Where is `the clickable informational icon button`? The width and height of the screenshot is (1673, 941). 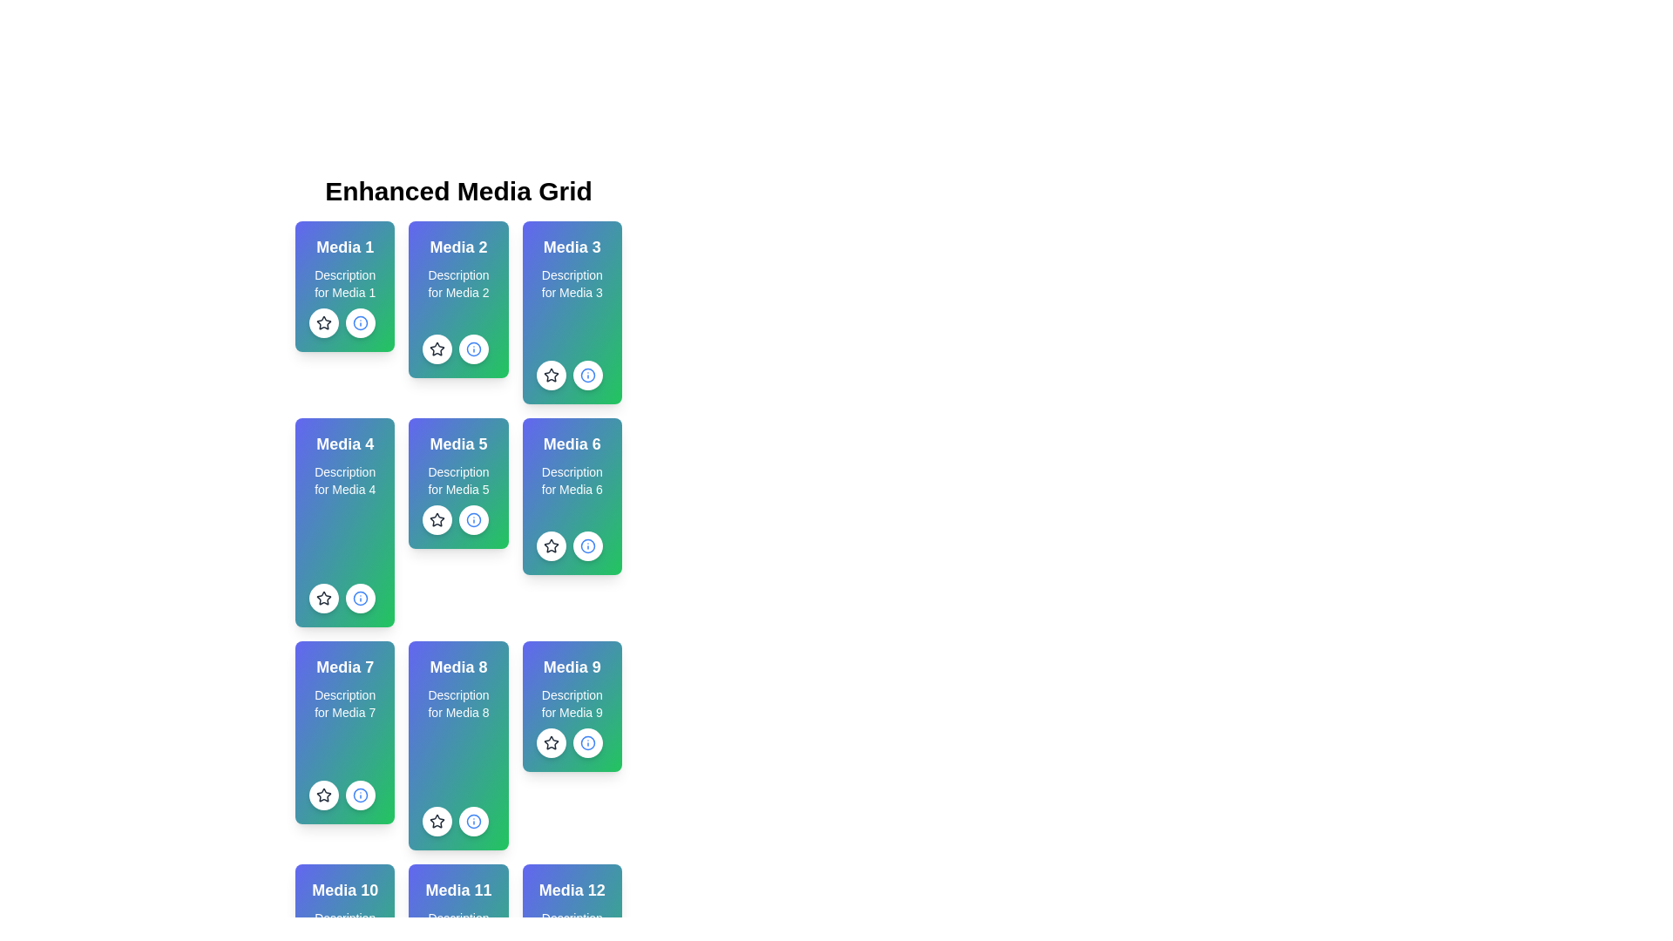
the clickable informational icon button is located at coordinates (342, 795).